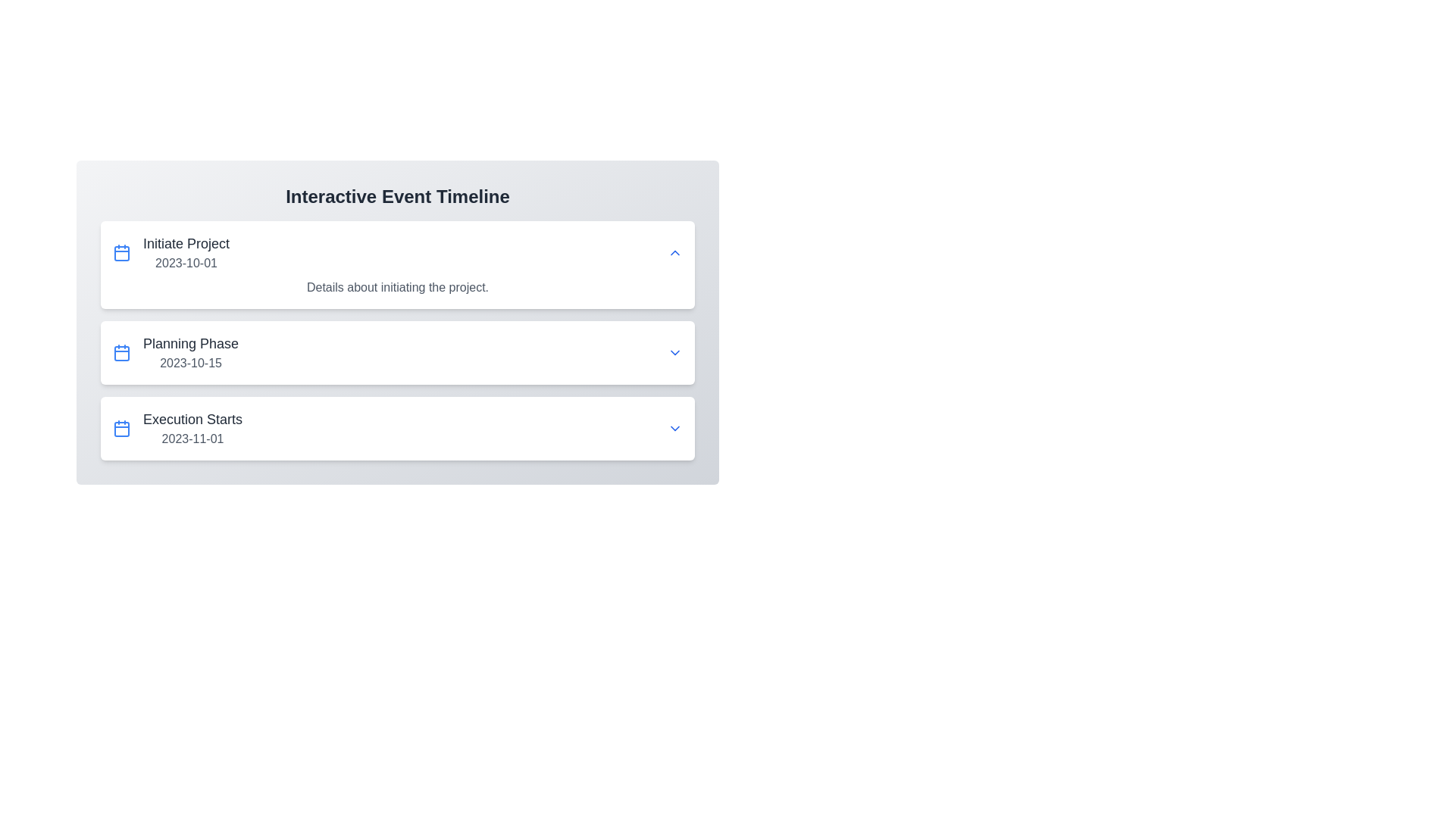 The height and width of the screenshot is (818, 1455). What do you see at coordinates (177, 429) in the screenshot?
I see `combination element displaying 'Execution Starts' with the blue calendar icon, located in the third row of the 'Interactive Event Timeline'` at bounding box center [177, 429].